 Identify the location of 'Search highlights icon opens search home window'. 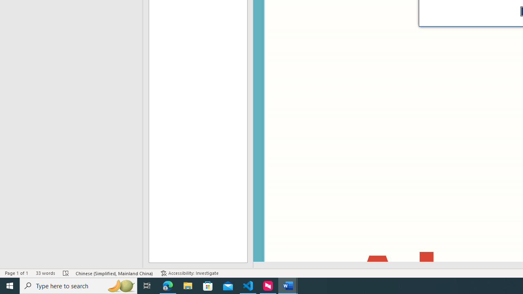
(120, 285).